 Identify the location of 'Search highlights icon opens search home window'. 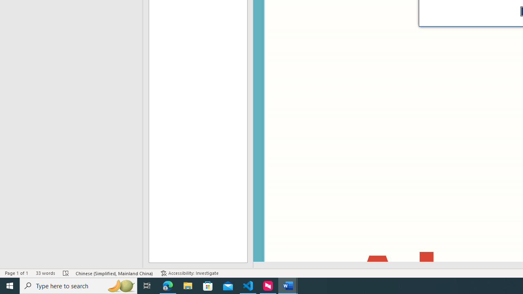
(120, 285).